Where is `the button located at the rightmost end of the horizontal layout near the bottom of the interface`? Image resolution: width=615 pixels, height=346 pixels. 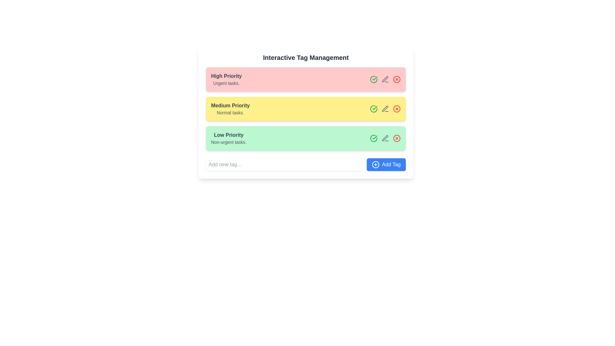 the button located at the rightmost end of the horizontal layout near the bottom of the interface is located at coordinates (386, 164).